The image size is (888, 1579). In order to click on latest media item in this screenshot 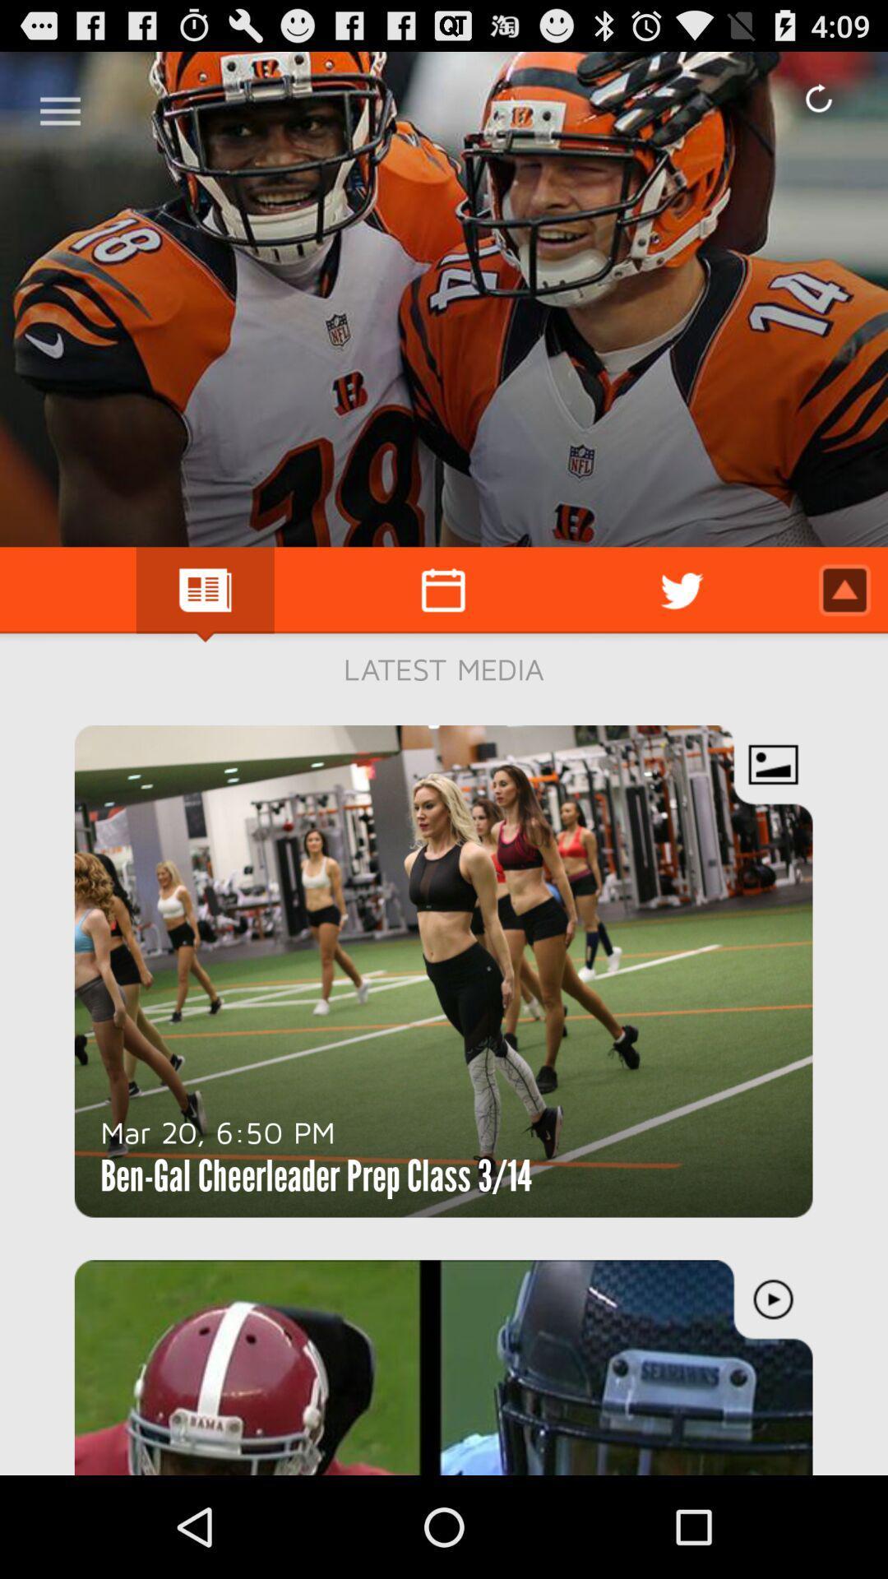, I will do `click(444, 669)`.